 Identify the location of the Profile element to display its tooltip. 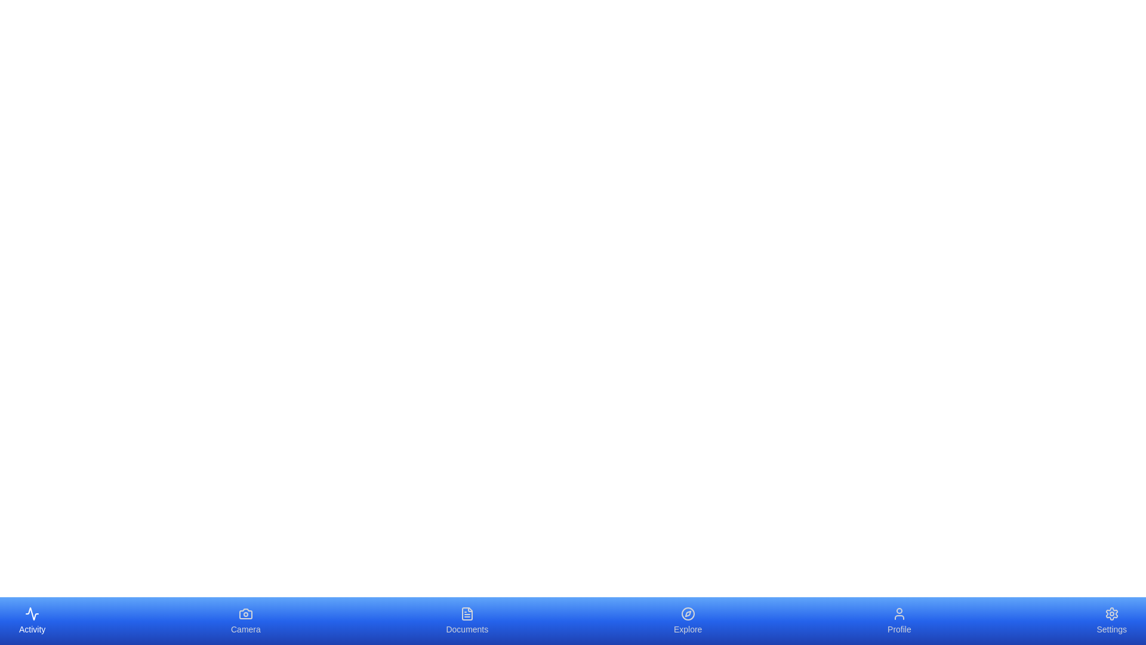
(899, 621).